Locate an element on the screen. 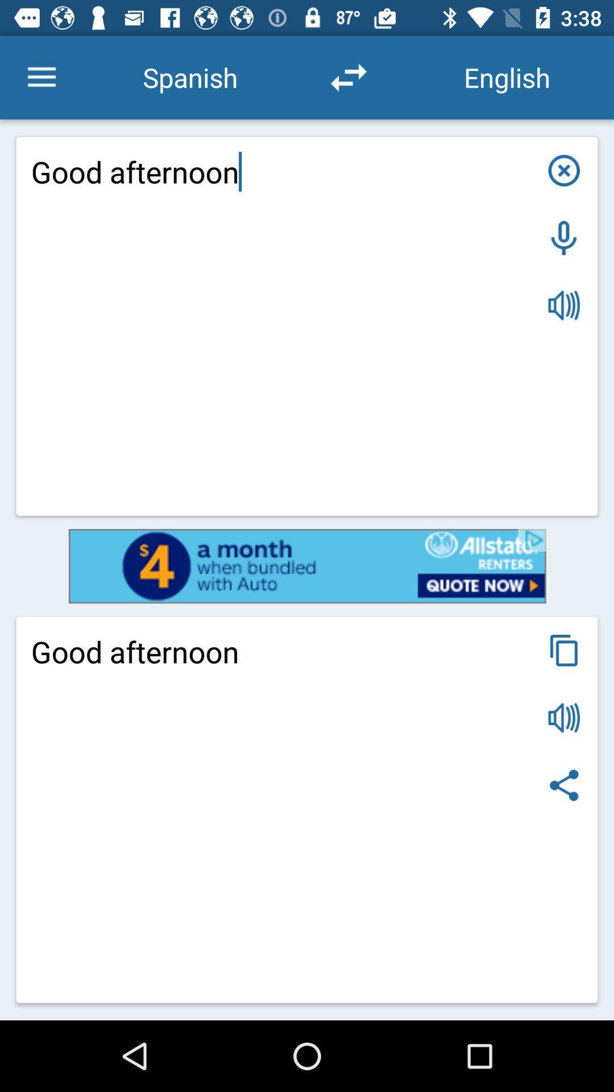 The width and height of the screenshot is (614, 1092). play is located at coordinates (564, 305).